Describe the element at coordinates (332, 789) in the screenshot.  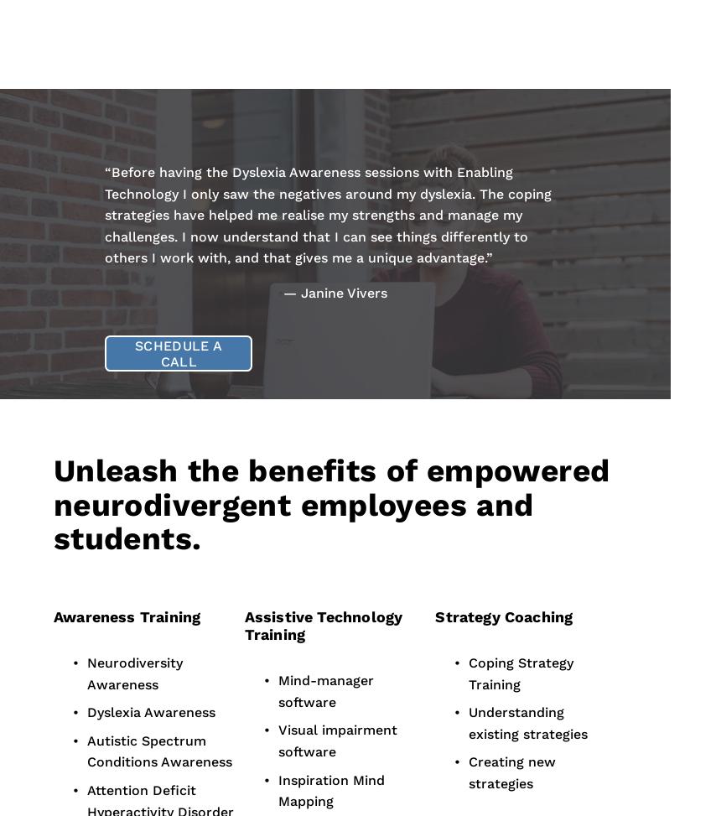
I see `'Inspiration Mind Mapping'` at that location.